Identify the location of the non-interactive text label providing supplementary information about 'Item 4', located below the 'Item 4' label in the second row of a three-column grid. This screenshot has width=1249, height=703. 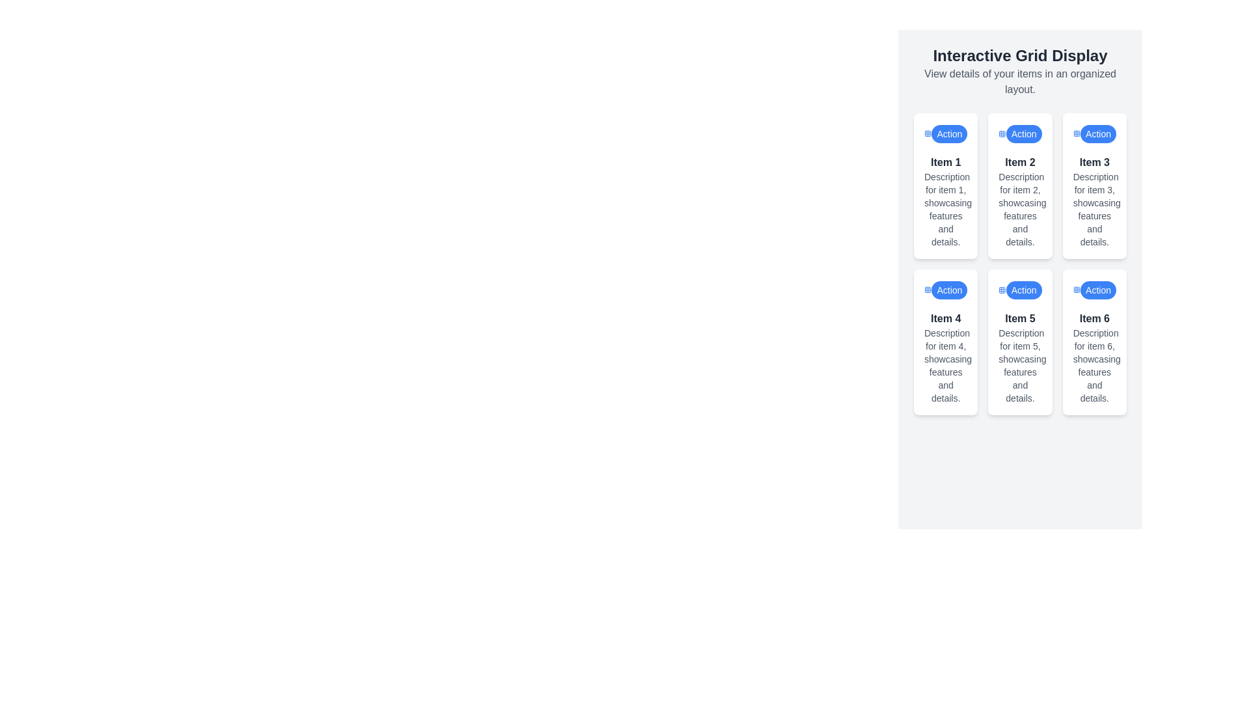
(946, 366).